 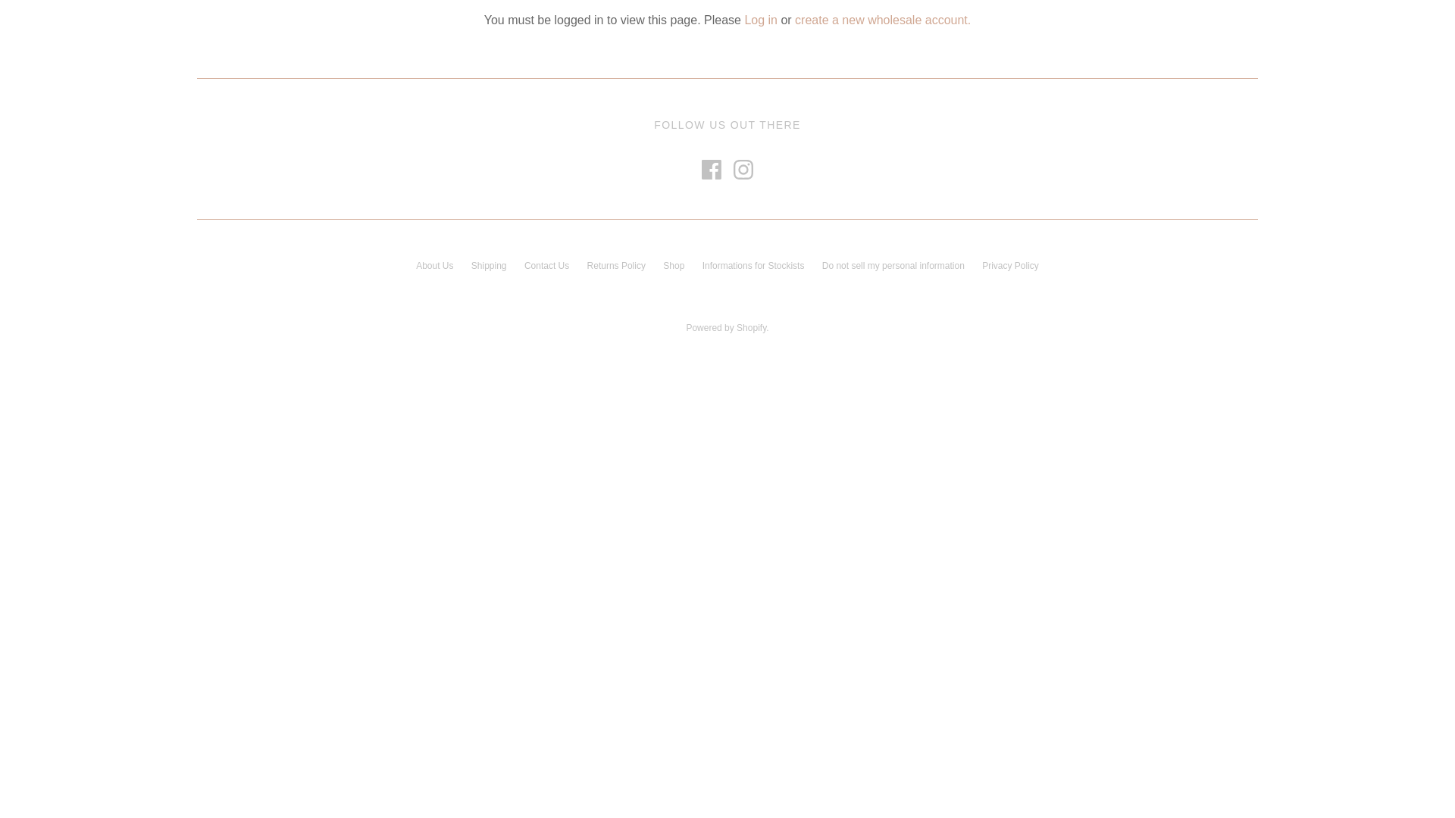 What do you see at coordinates (672, 265) in the screenshot?
I see `'Shop'` at bounding box center [672, 265].